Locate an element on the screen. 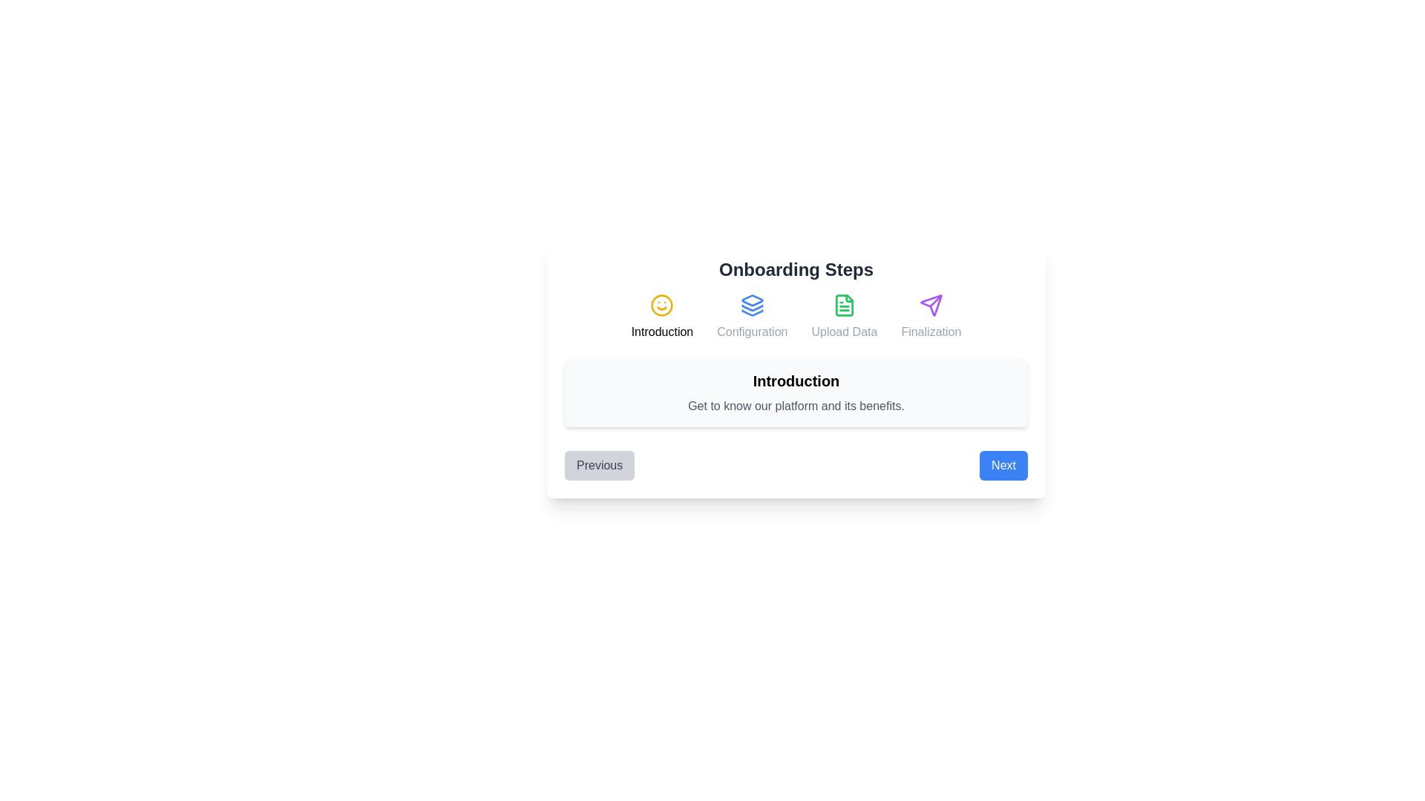 The width and height of the screenshot is (1425, 801). the heading element located at the top of the onboarding process interface is located at coordinates (796, 269).